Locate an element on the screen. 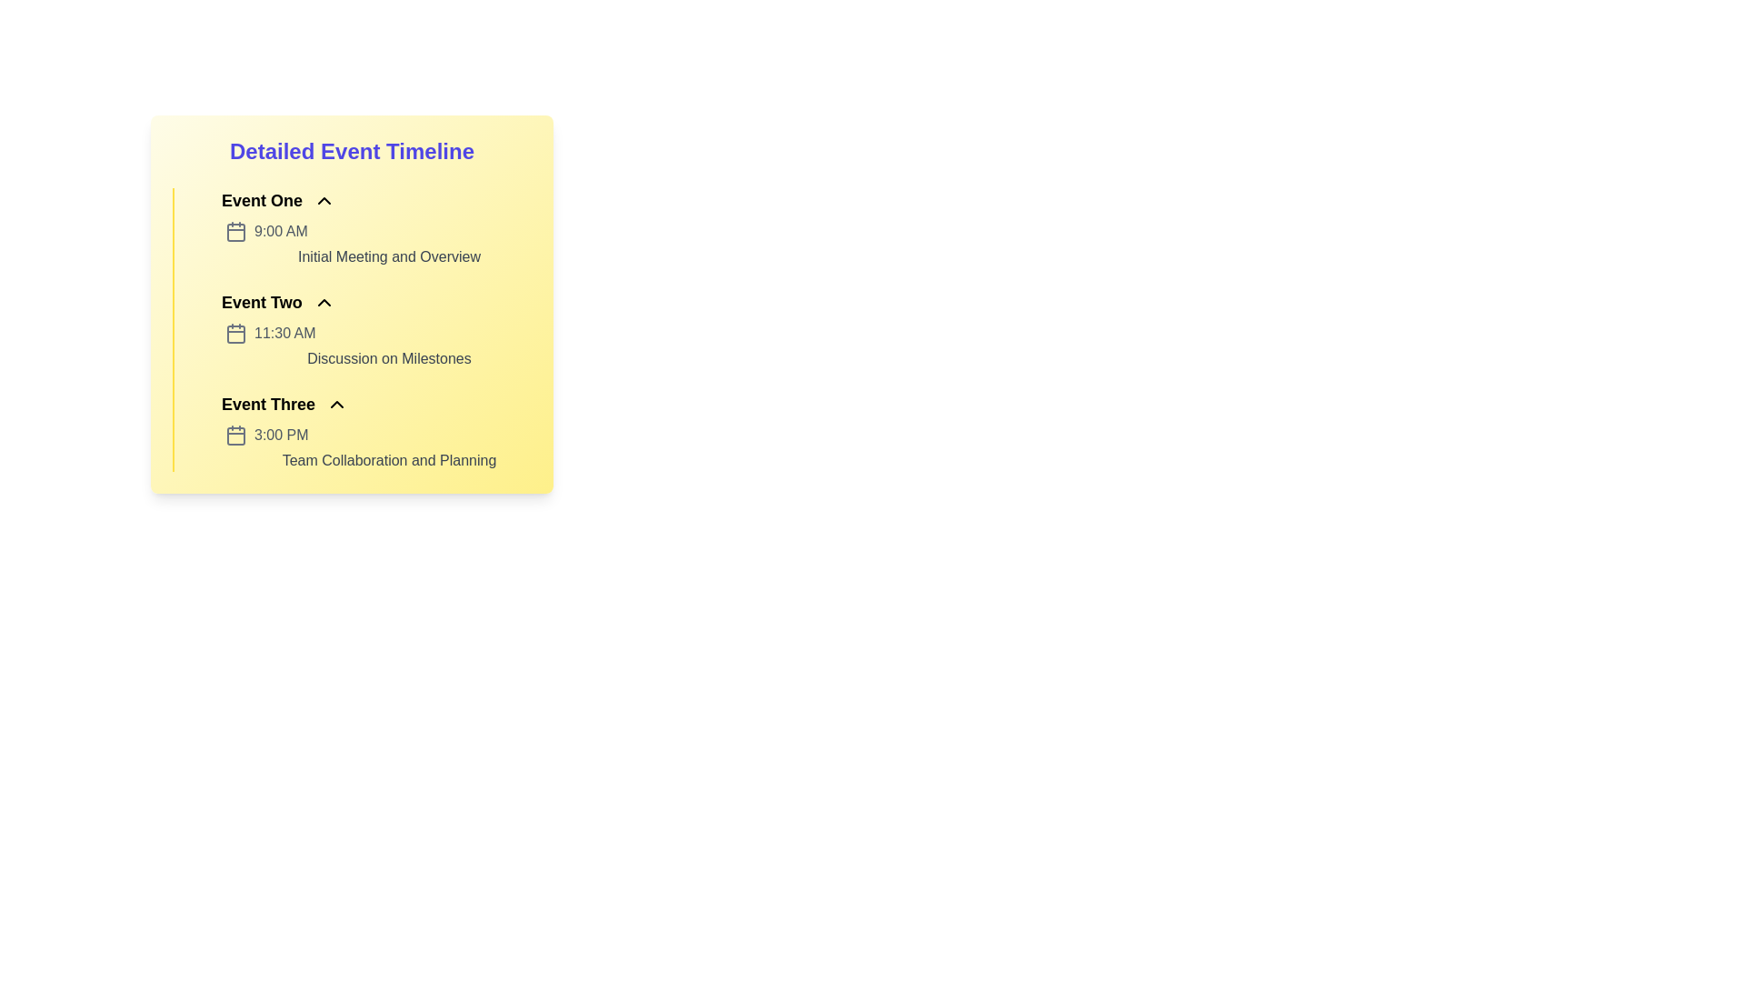 The height and width of the screenshot is (982, 1745). the icon of the scheduled event list item located in the 'Detailed Event Timeline' section, which displays details about the event including its title, time, and description is located at coordinates (364, 431).